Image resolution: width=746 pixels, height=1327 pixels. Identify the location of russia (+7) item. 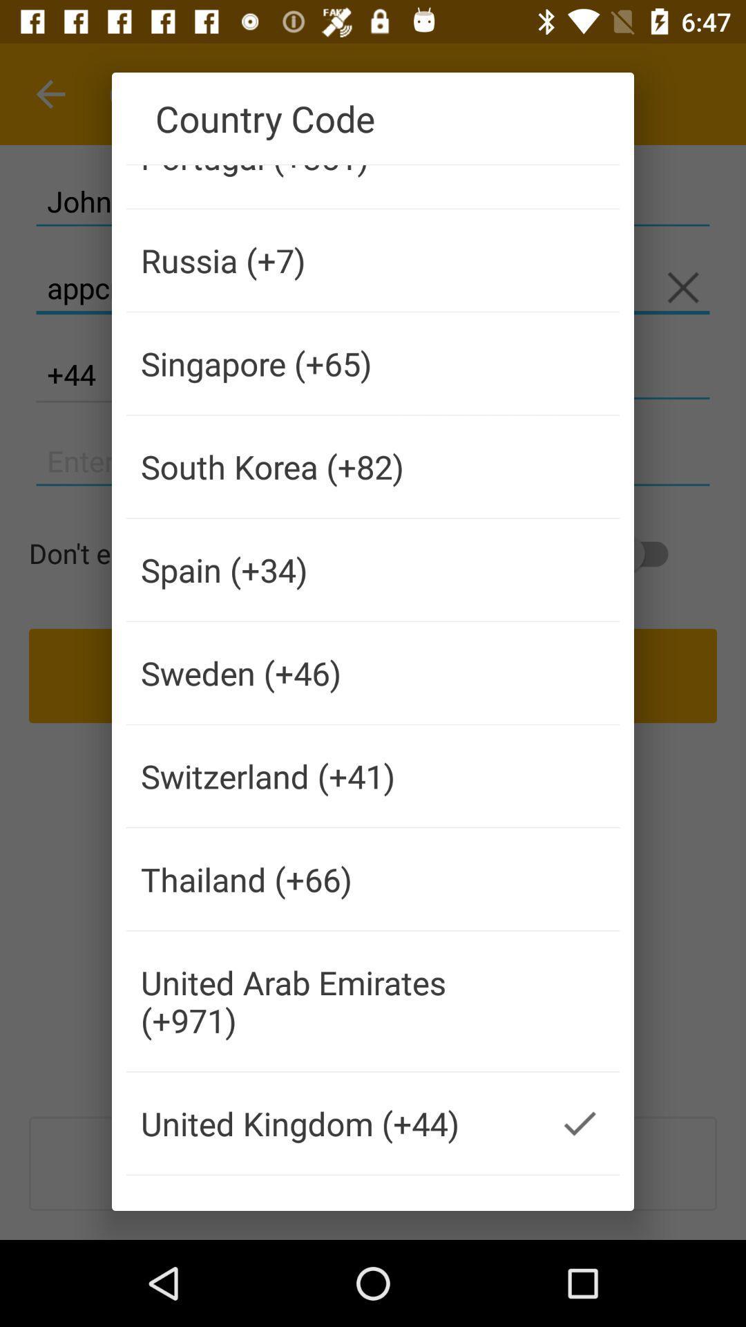
(333, 260).